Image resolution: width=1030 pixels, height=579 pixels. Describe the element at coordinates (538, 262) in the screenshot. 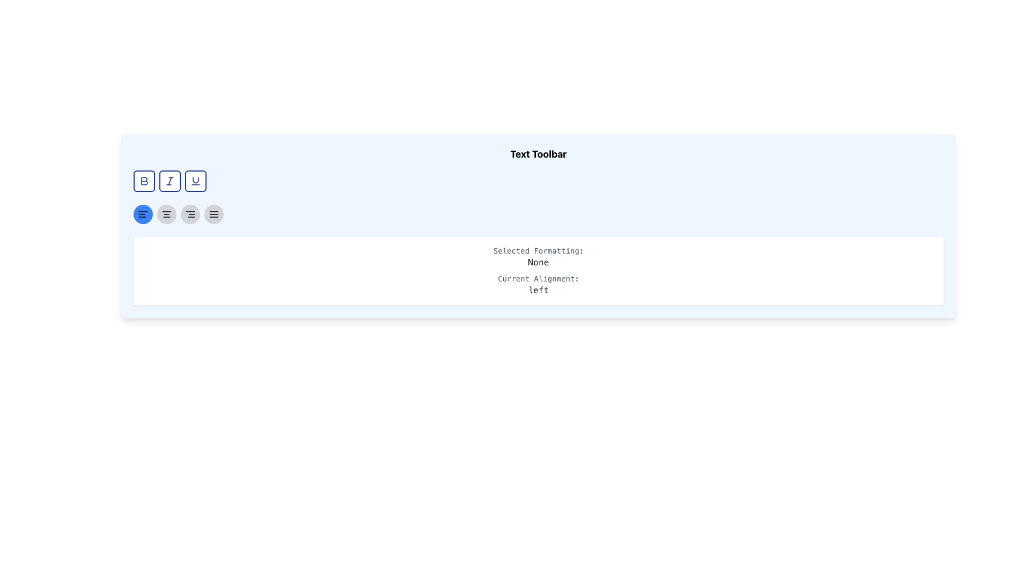

I see `the text label displaying 'None', which is styled in dark gray and positioned between 'Selected Formatting:' and 'Current Alignment:' labels in the Text Toolbar section` at that location.